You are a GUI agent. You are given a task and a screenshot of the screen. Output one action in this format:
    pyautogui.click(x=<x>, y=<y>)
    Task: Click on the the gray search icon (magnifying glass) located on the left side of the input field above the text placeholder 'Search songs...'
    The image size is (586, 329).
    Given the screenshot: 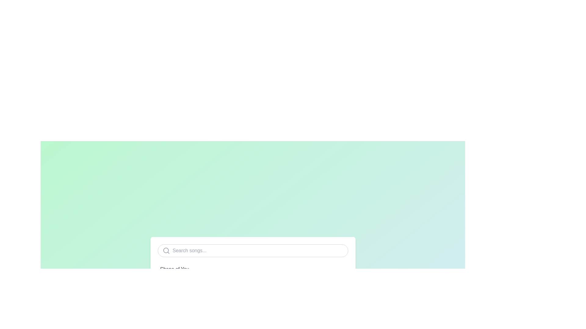 What is the action you would take?
    pyautogui.click(x=166, y=250)
    